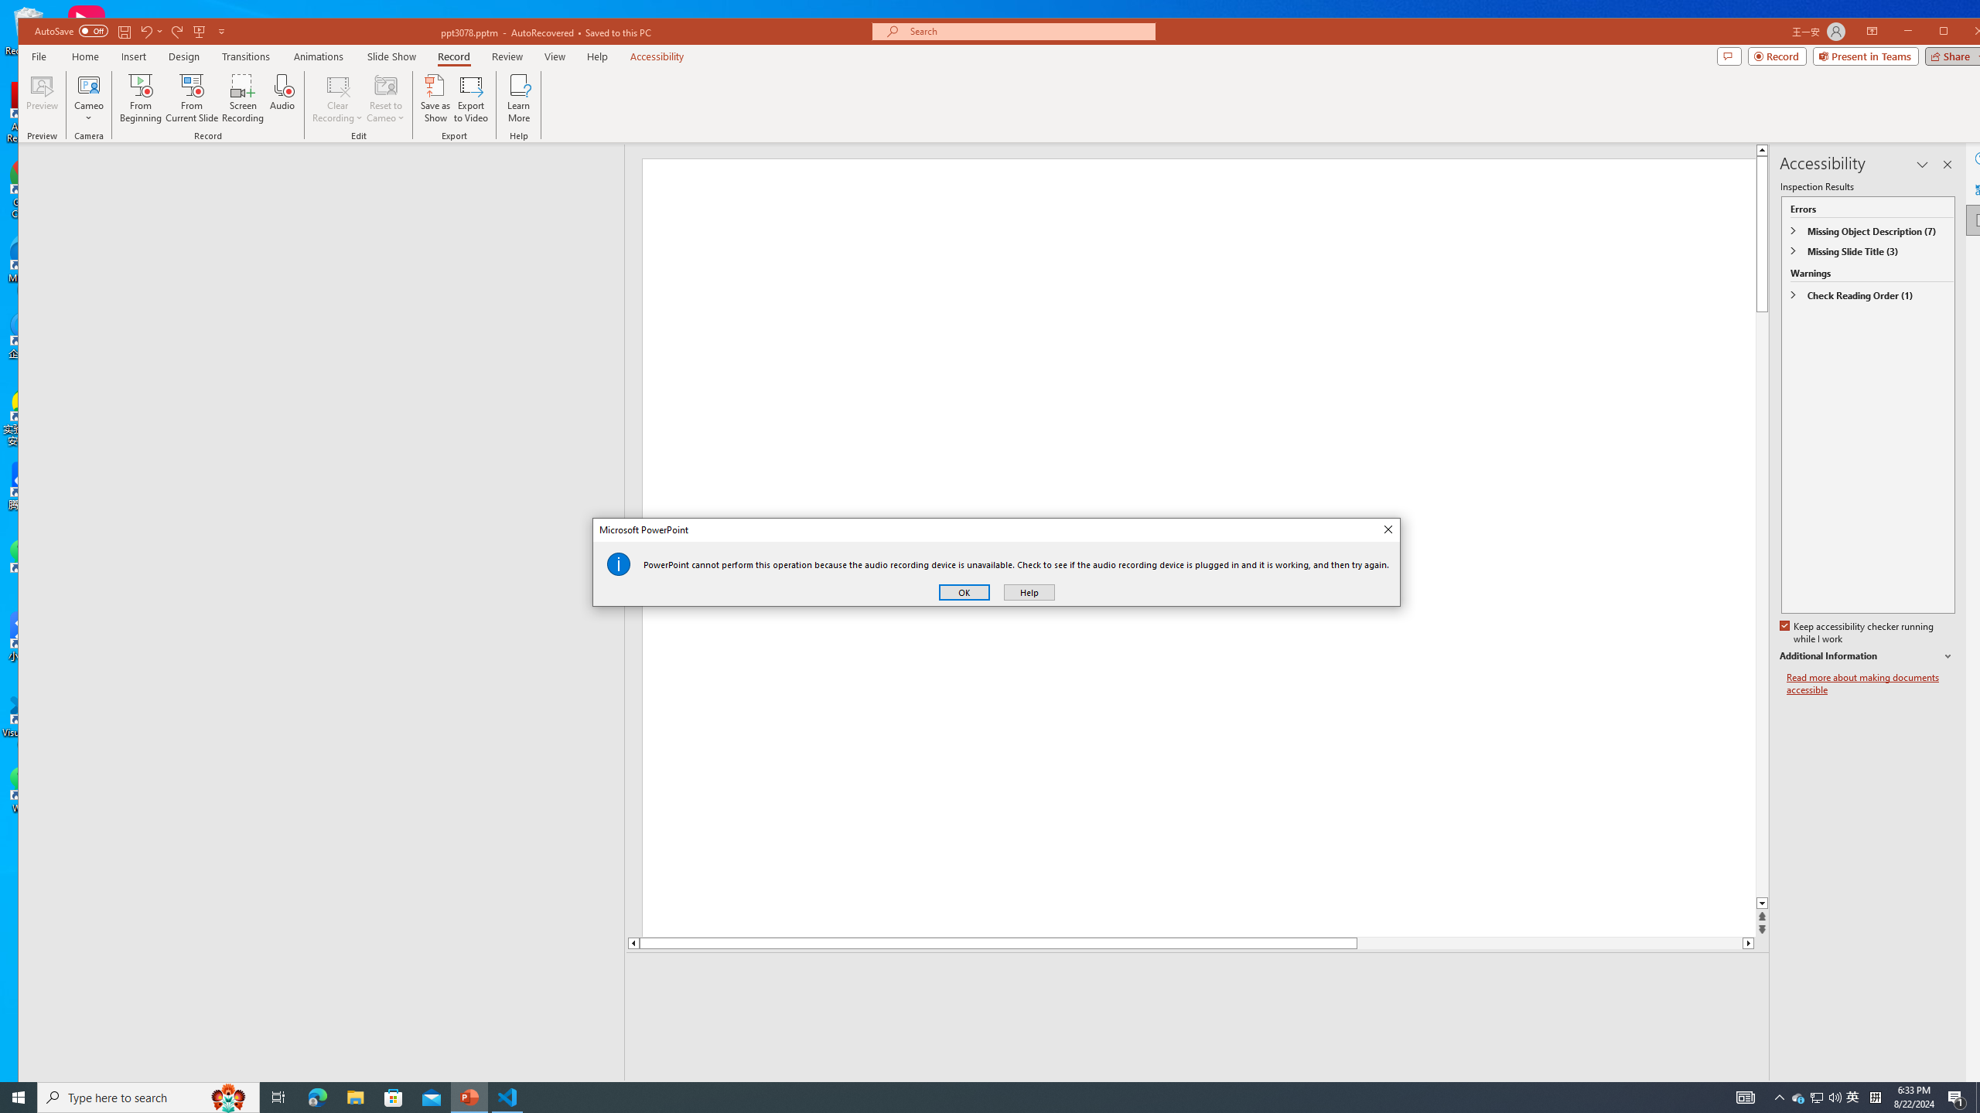  I want to click on 'Notification Chevron', so click(1779, 1096).